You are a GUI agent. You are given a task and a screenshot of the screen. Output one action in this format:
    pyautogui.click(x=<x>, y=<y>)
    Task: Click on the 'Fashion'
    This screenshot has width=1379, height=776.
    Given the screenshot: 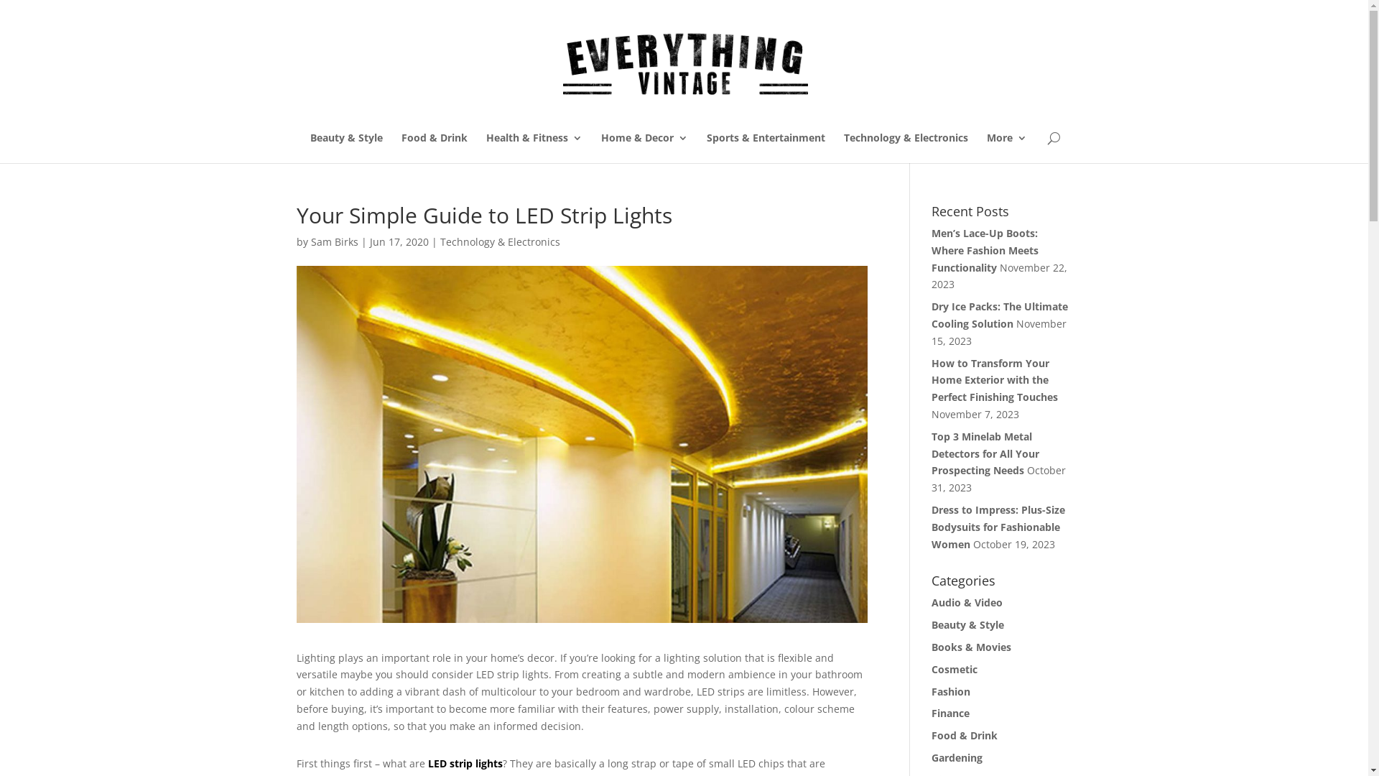 What is the action you would take?
    pyautogui.click(x=931, y=690)
    